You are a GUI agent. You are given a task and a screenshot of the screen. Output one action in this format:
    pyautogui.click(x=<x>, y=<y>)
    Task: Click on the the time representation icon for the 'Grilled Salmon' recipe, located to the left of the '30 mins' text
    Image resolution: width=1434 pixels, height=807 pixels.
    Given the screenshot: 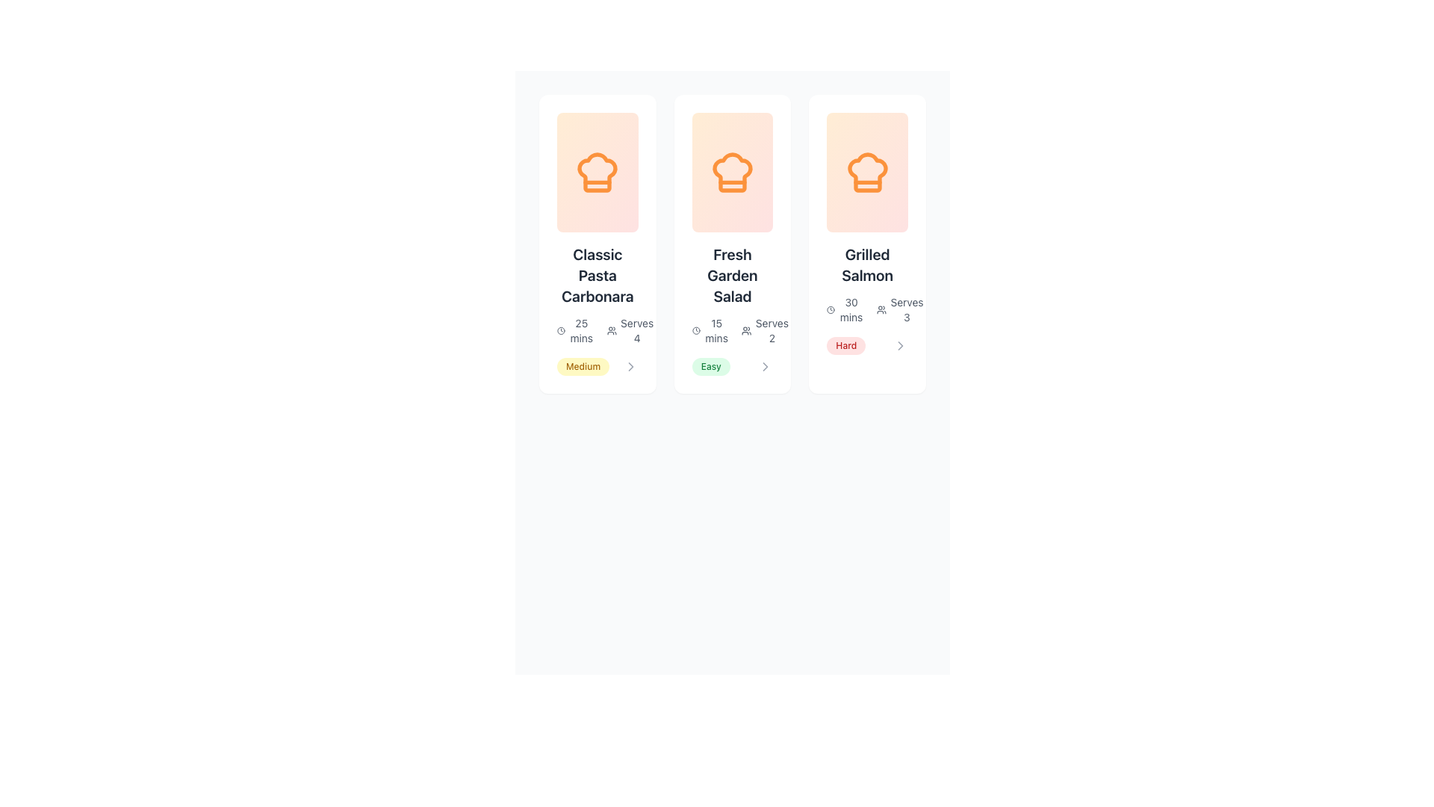 What is the action you would take?
    pyautogui.click(x=830, y=309)
    